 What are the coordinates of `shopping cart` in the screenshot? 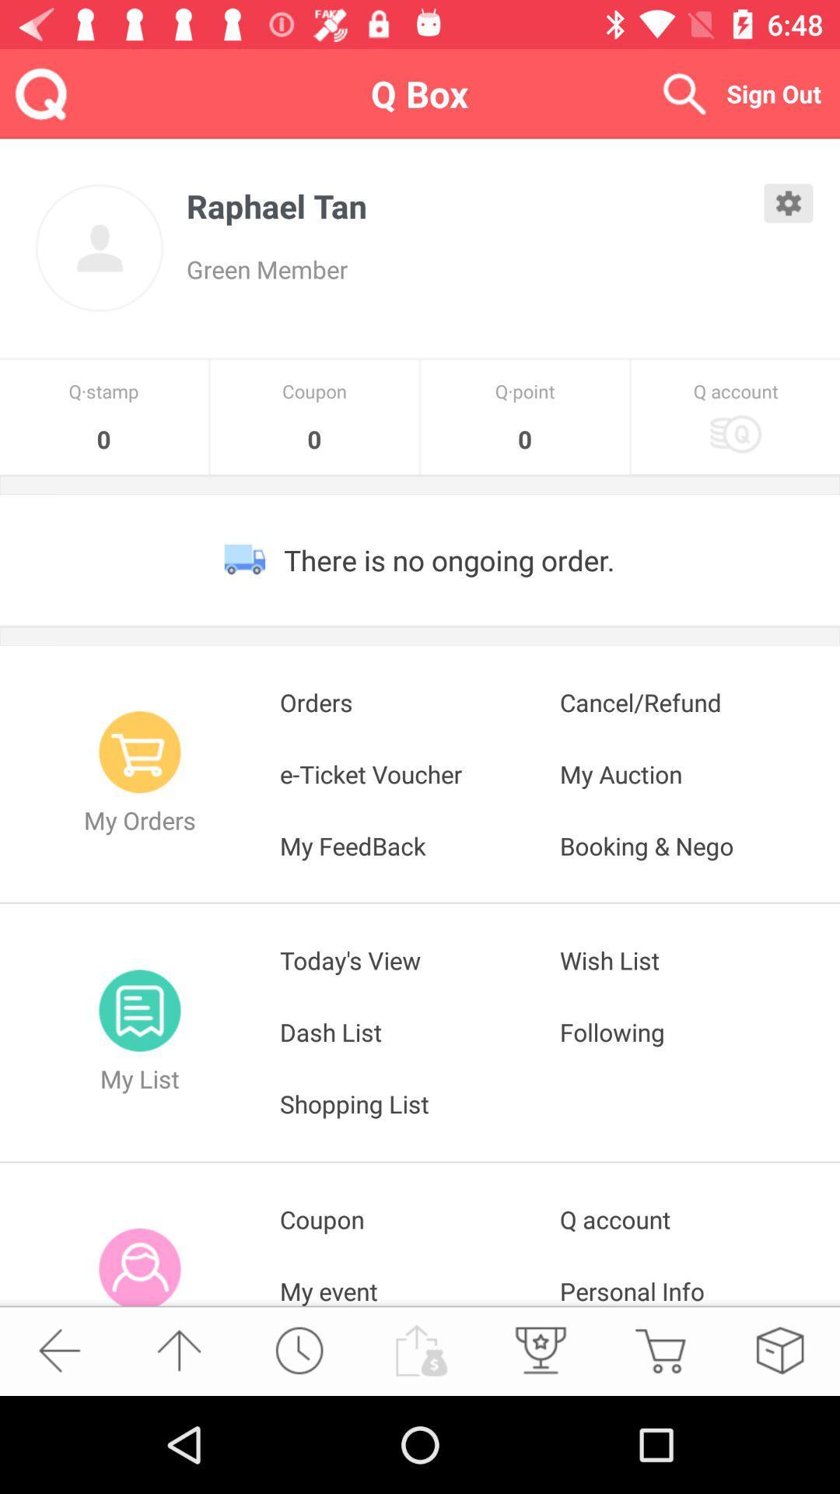 It's located at (660, 1349).